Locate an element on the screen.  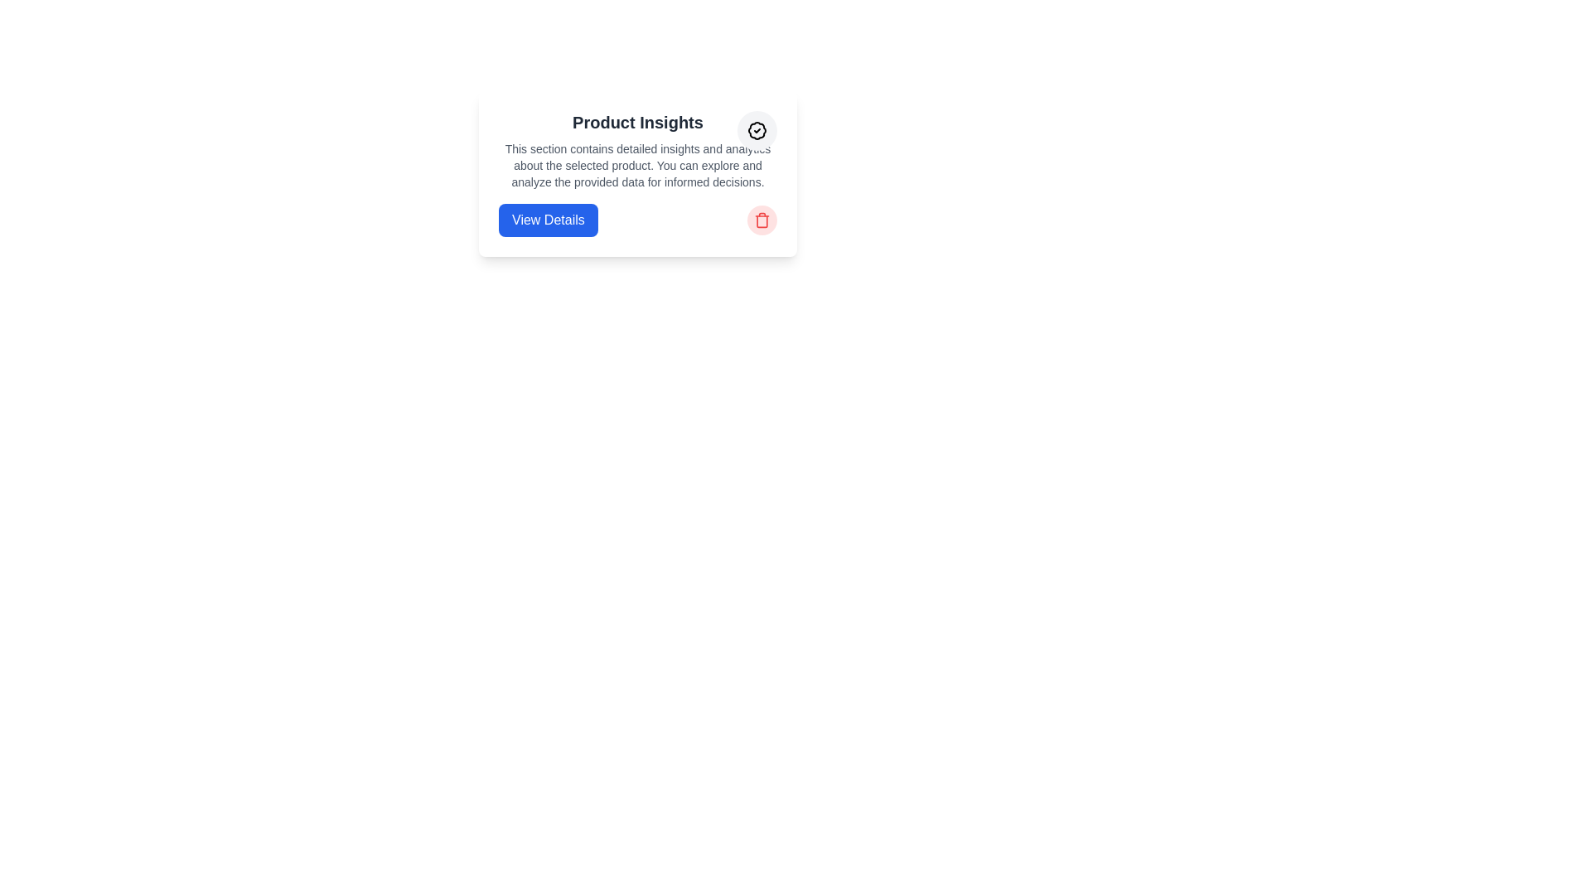
the interactive button located in the top-right corner of the 'Product Insights' section is located at coordinates (756, 130).